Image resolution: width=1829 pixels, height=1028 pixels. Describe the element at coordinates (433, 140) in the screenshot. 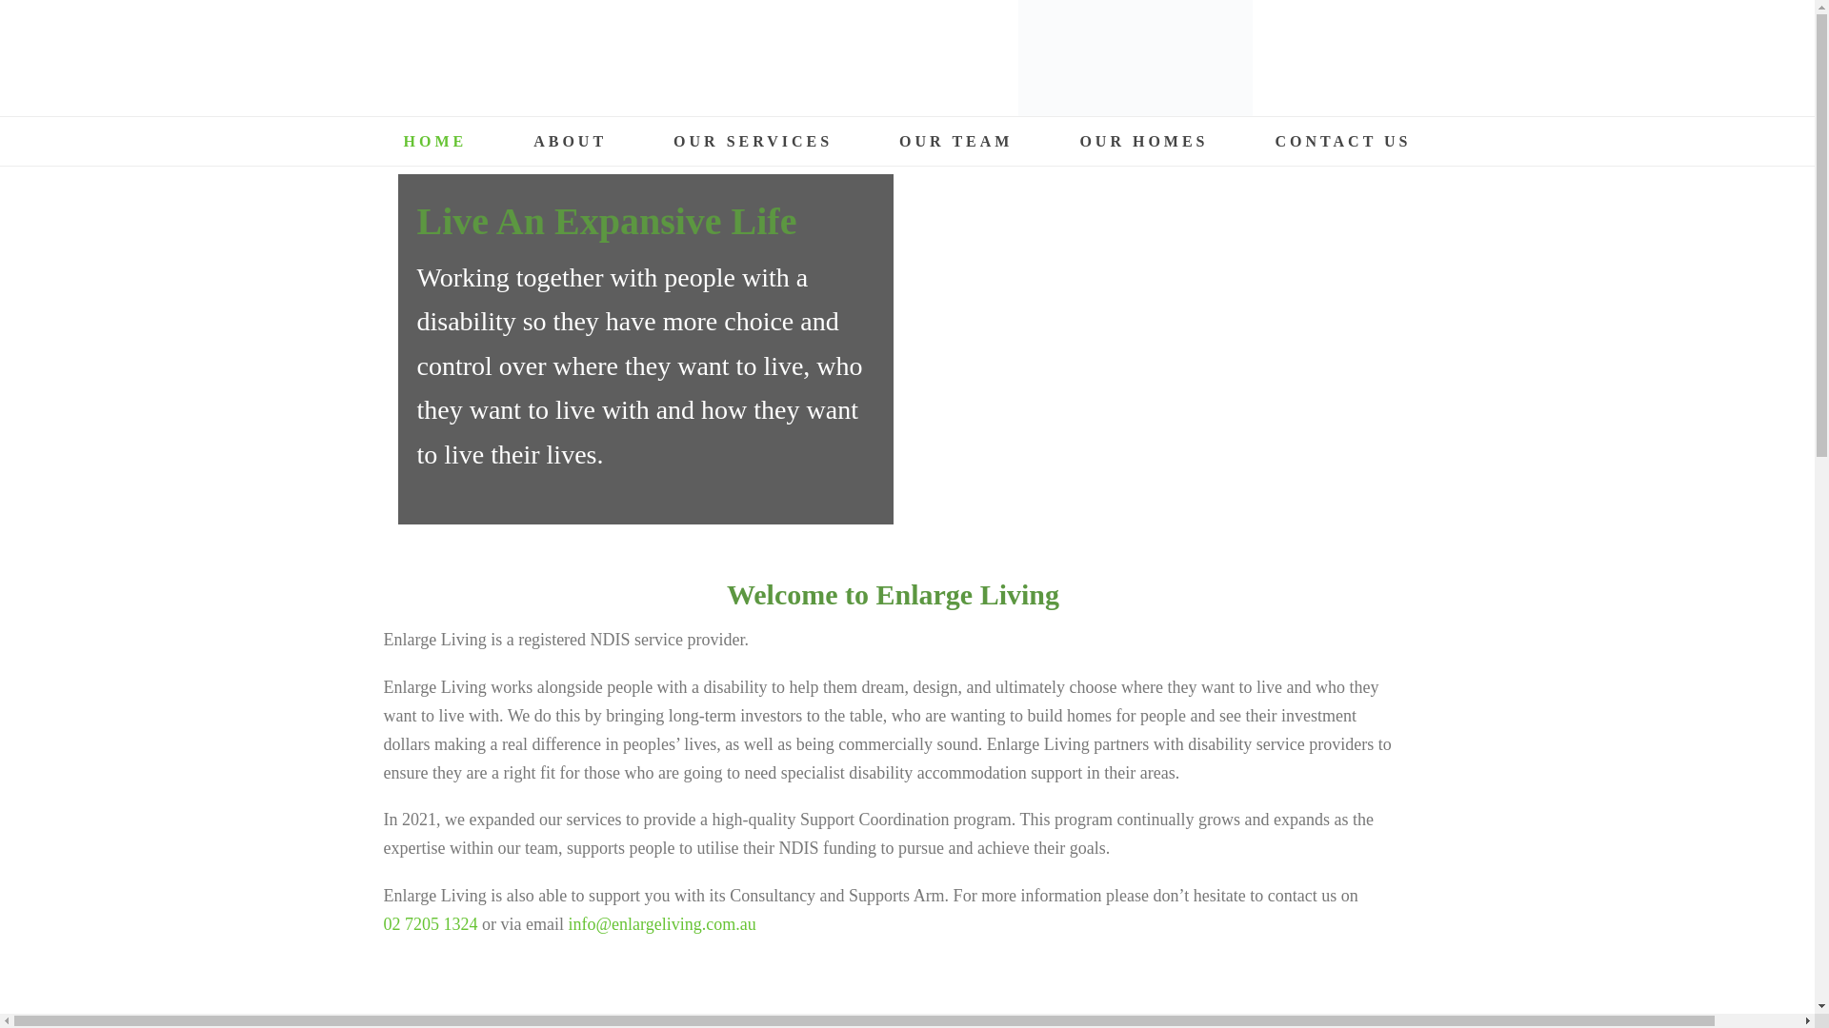

I see `'HOME'` at that location.